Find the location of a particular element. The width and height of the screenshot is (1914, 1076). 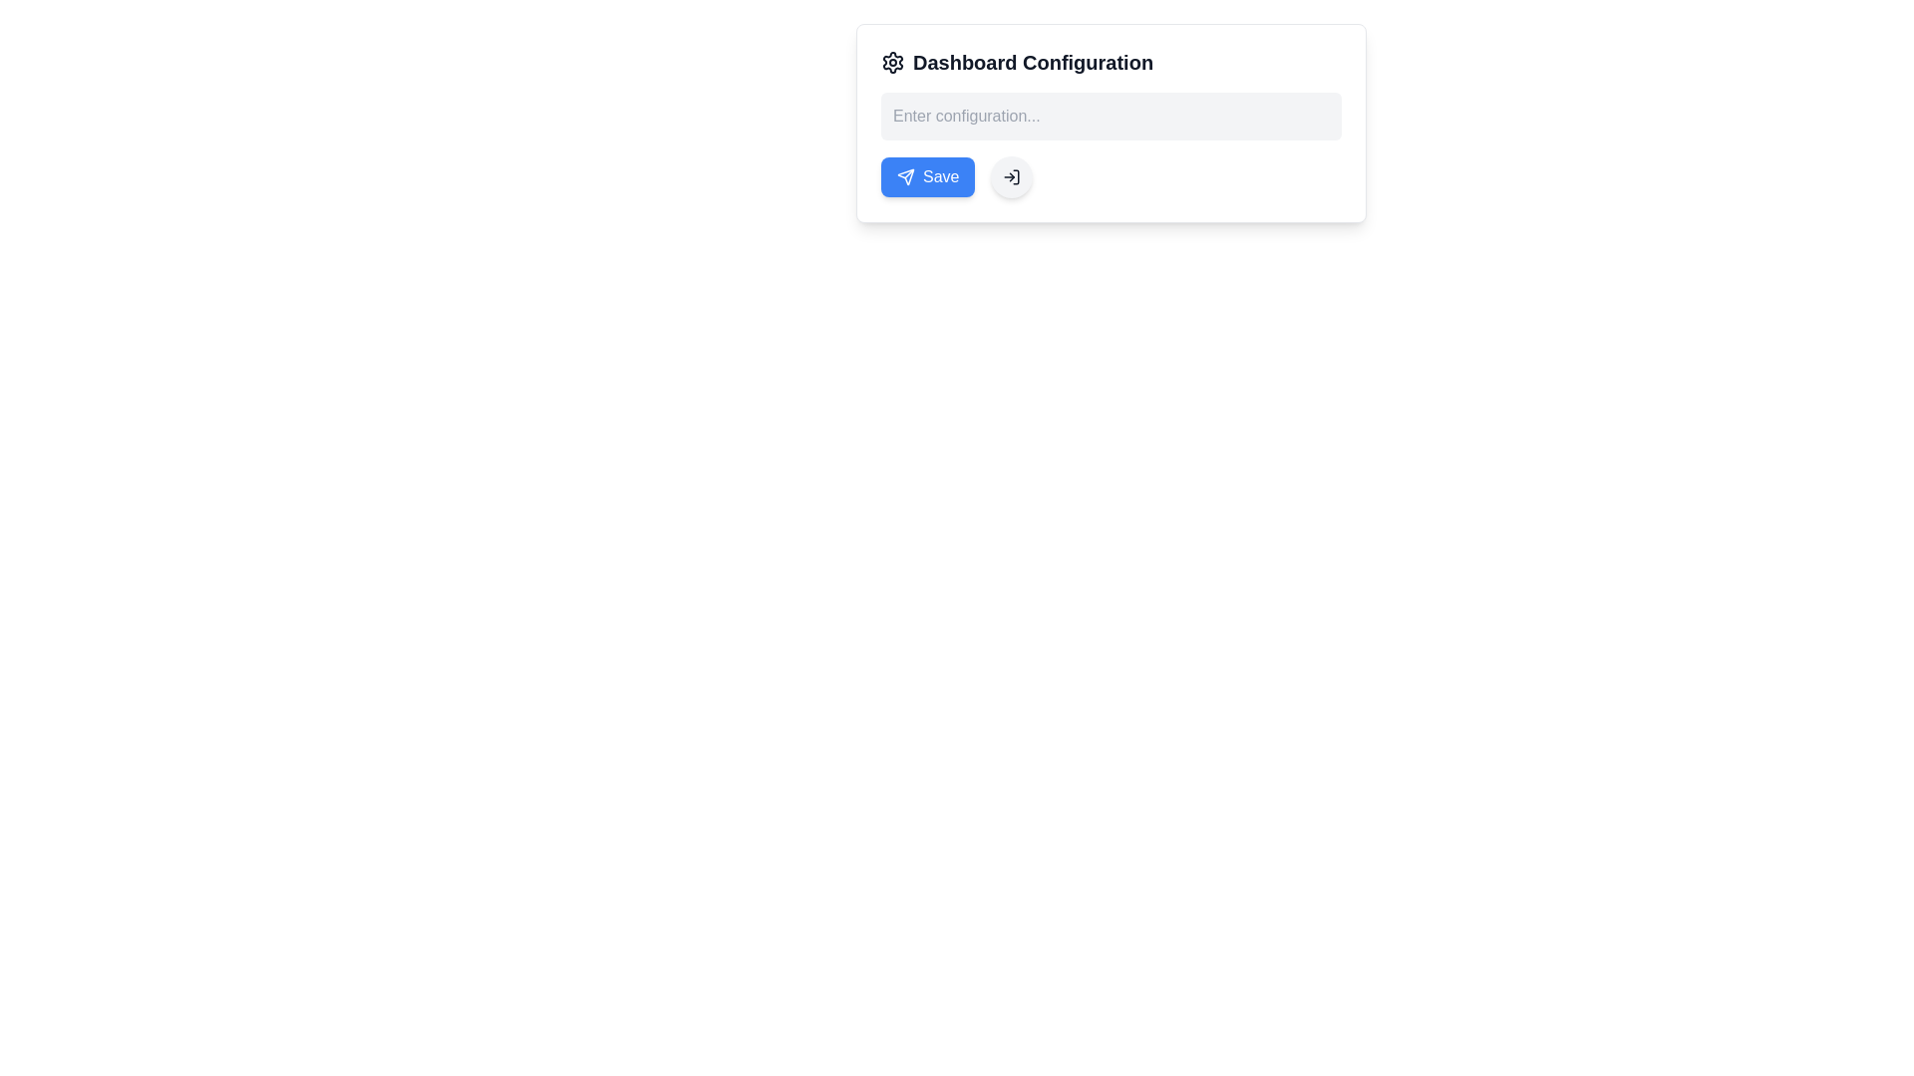

the 'Send' or 'Submit' icon embedded in the 'Save' button located on the left side of the 'Dashboard Configuration' box is located at coordinates (904, 175).